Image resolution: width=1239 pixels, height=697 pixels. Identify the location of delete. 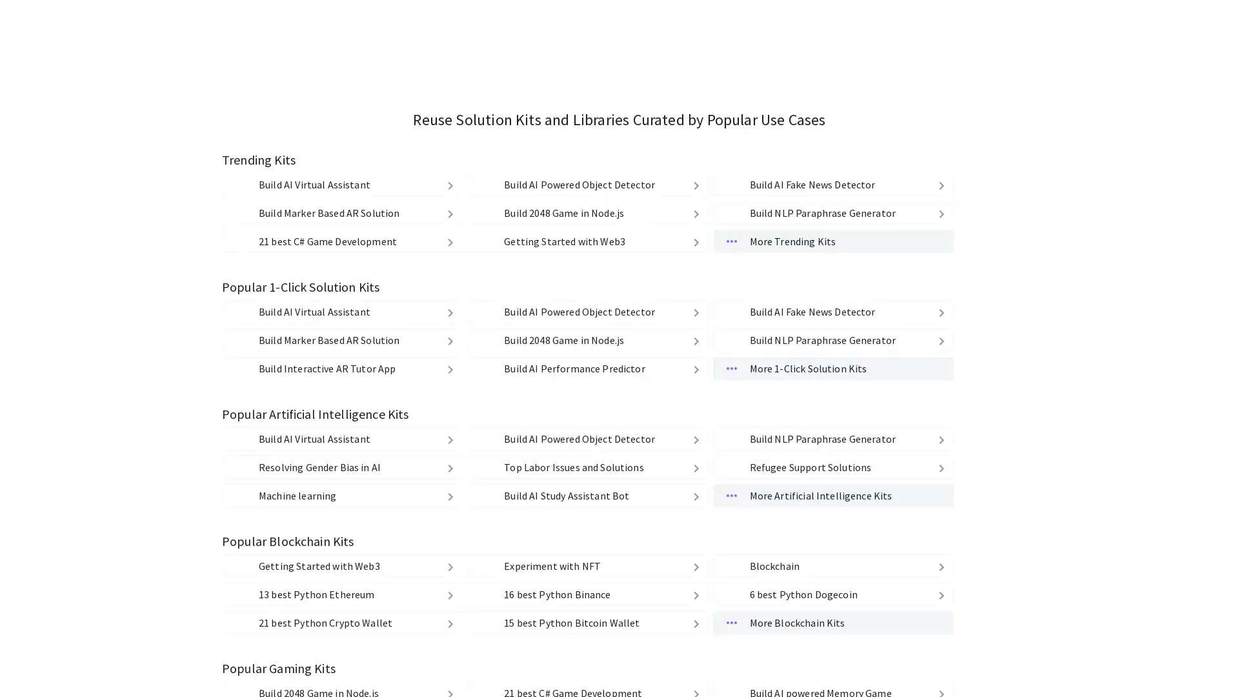
(450, 538).